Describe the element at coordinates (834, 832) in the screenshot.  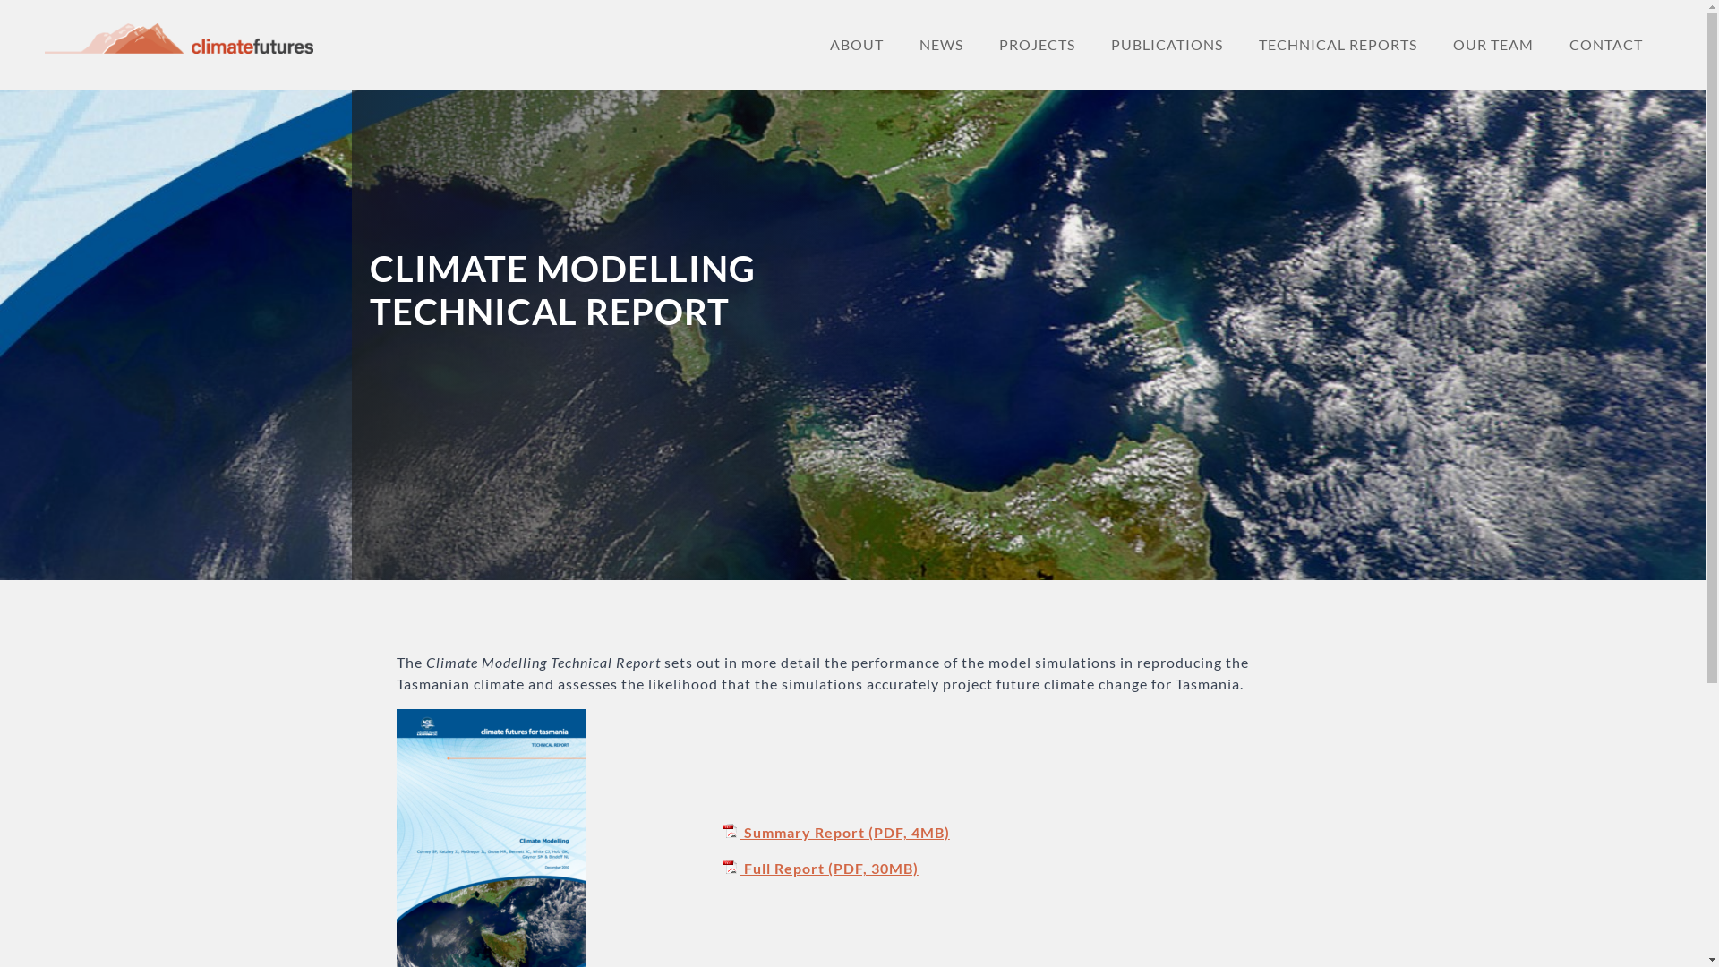
I see `'Summary Report (PDF, 4MB)'` at that location.